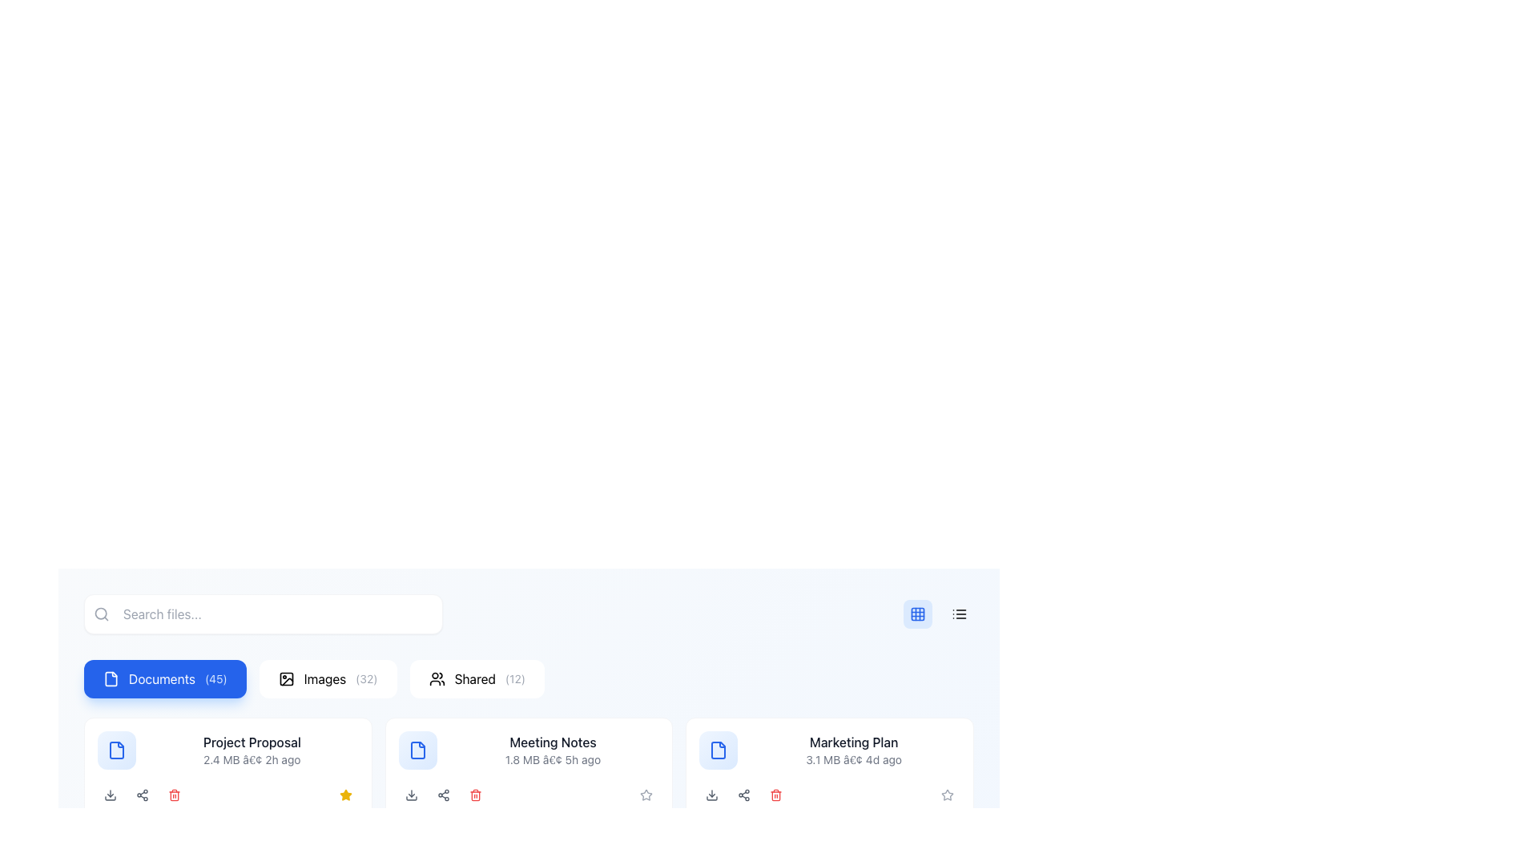  I want to click on the 'Shared' section label text in the navigation bar, so click(474, 679).